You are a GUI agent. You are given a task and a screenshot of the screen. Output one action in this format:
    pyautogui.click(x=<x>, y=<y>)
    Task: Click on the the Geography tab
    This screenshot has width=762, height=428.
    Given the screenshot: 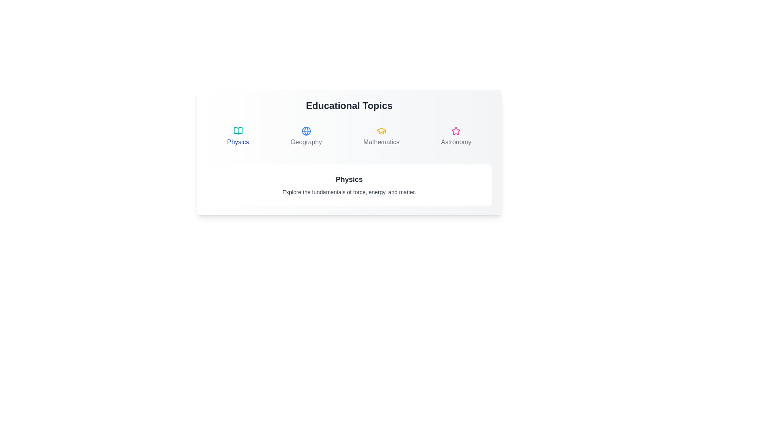 What is the action you would take?
    pyautogui.click(x=306, y=136)
    